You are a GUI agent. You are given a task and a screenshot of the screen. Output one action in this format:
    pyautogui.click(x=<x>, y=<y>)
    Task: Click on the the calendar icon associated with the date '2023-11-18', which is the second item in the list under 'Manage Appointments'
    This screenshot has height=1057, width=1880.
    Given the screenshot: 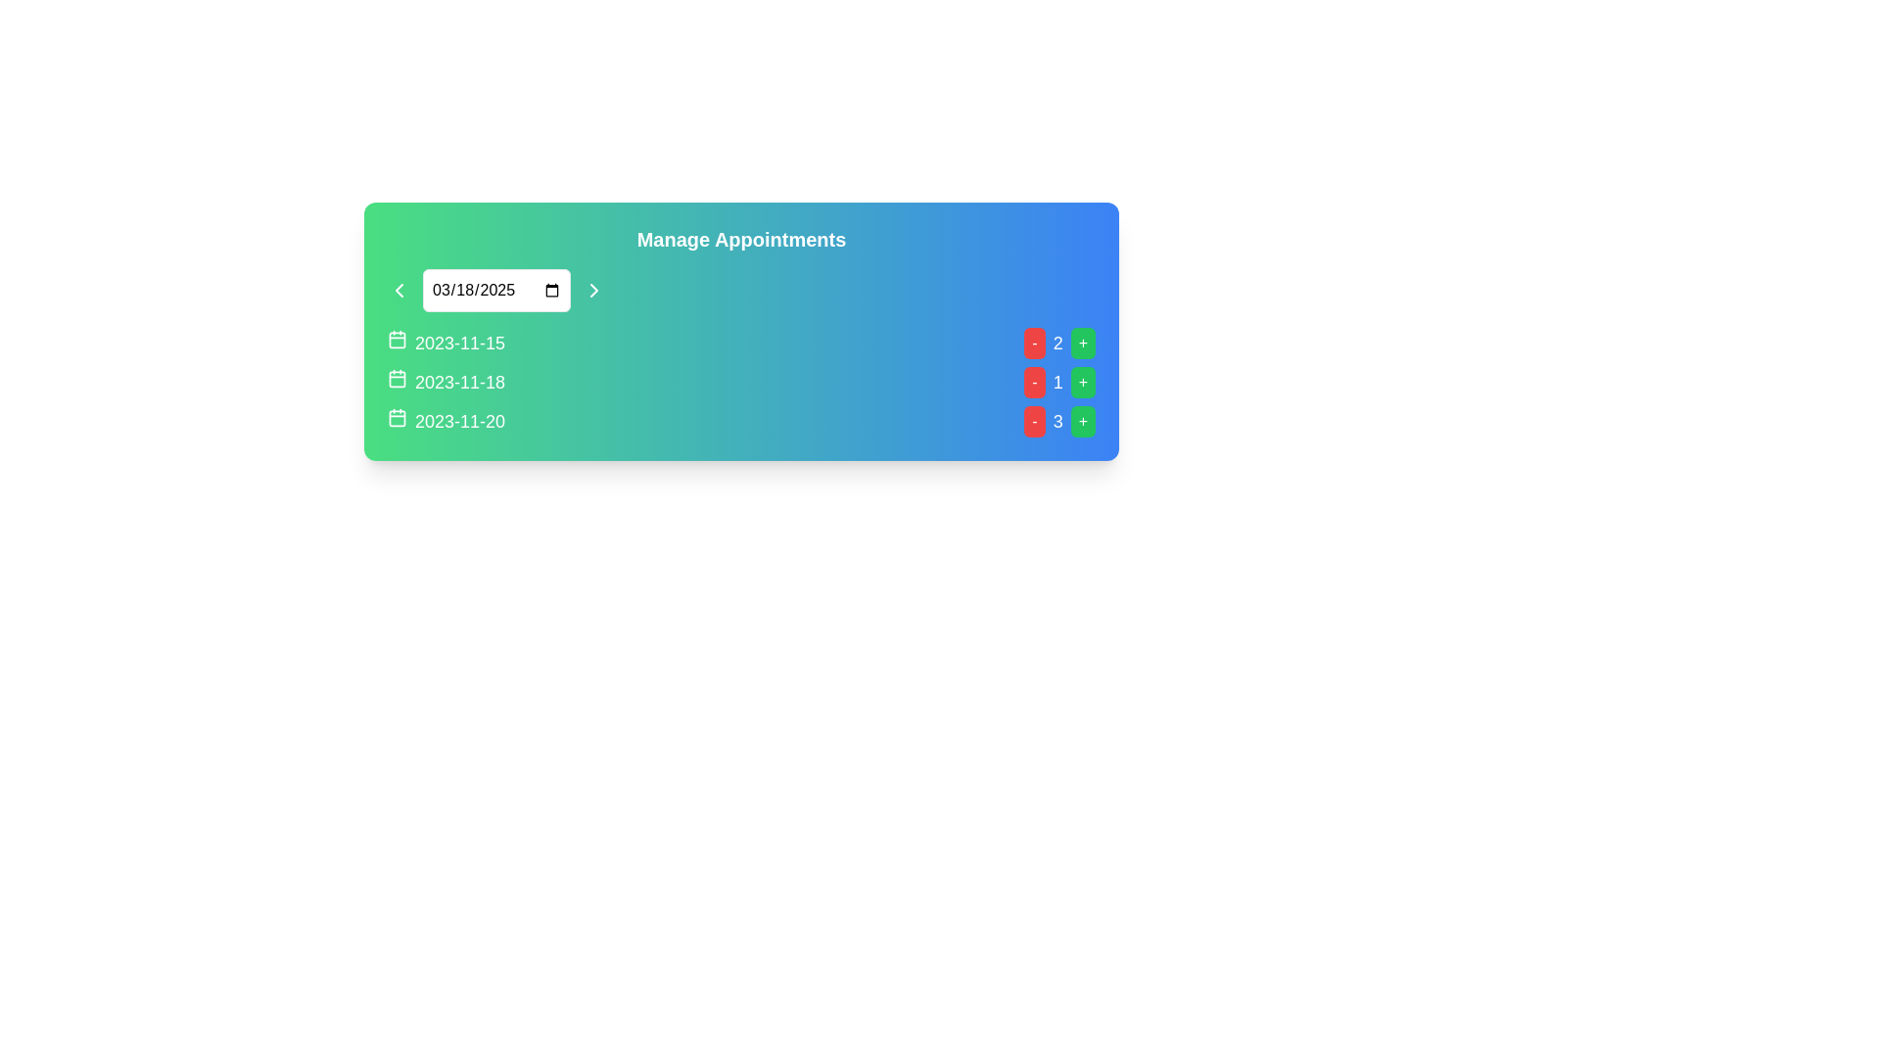 What is the action you would take?
    pyautogui.click(x=397, y=378)
    